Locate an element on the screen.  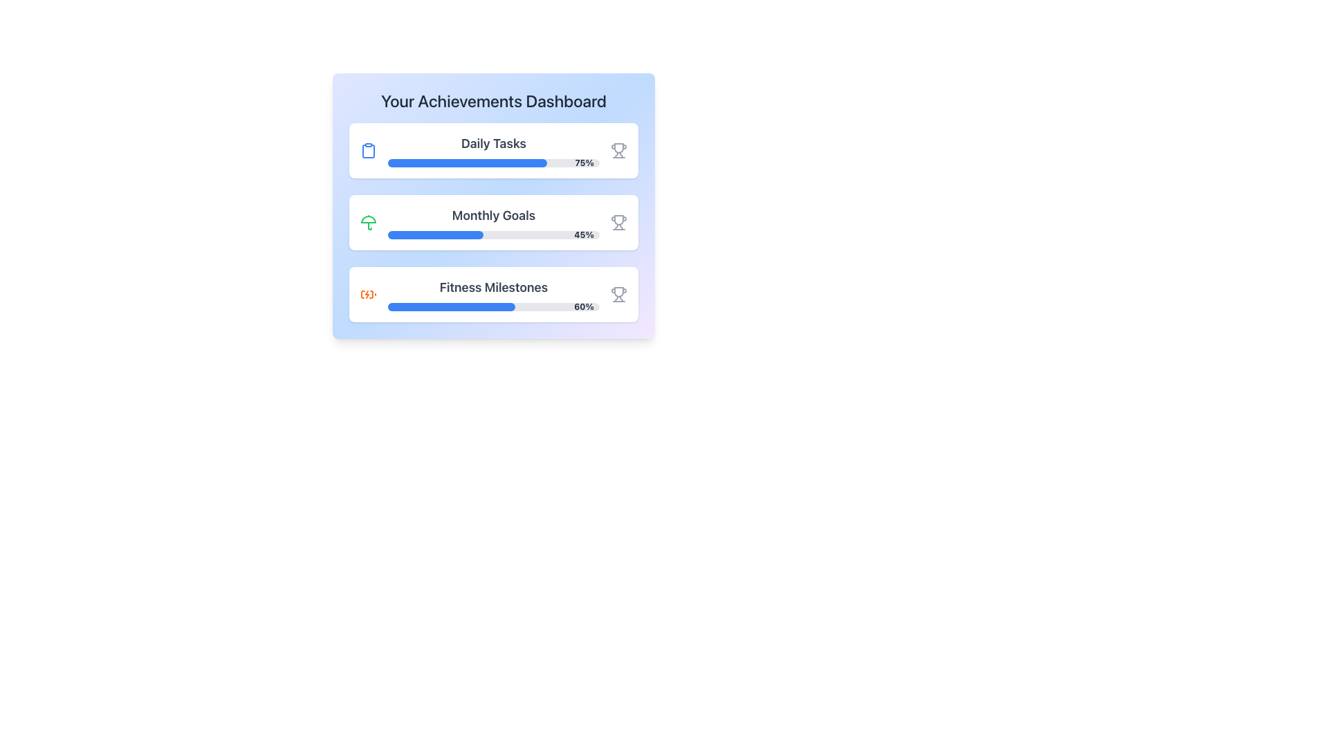
the progress bars visually displayed within the 'Your Achievements Dashboard' panel, which features a gradient background and sections for 'Daily Tasks', 'Monthly Goals', and 'Fitness Milestones' is located at coordinates (494, 205).